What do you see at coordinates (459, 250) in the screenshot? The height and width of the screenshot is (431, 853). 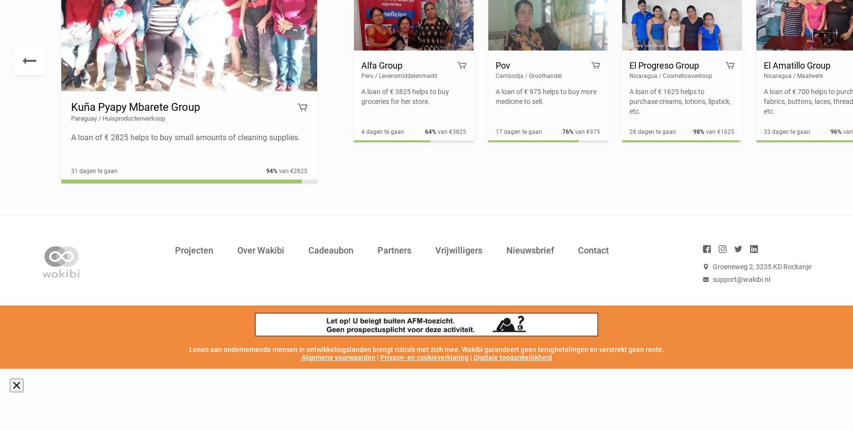 I see `'Vrijwilligers'` at bounding box center [459, 250].